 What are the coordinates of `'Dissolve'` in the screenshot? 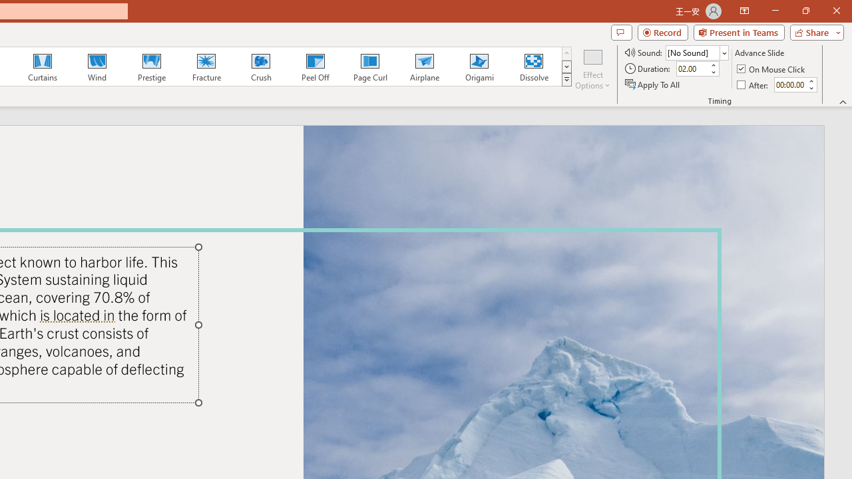 It's located at (534, 67).